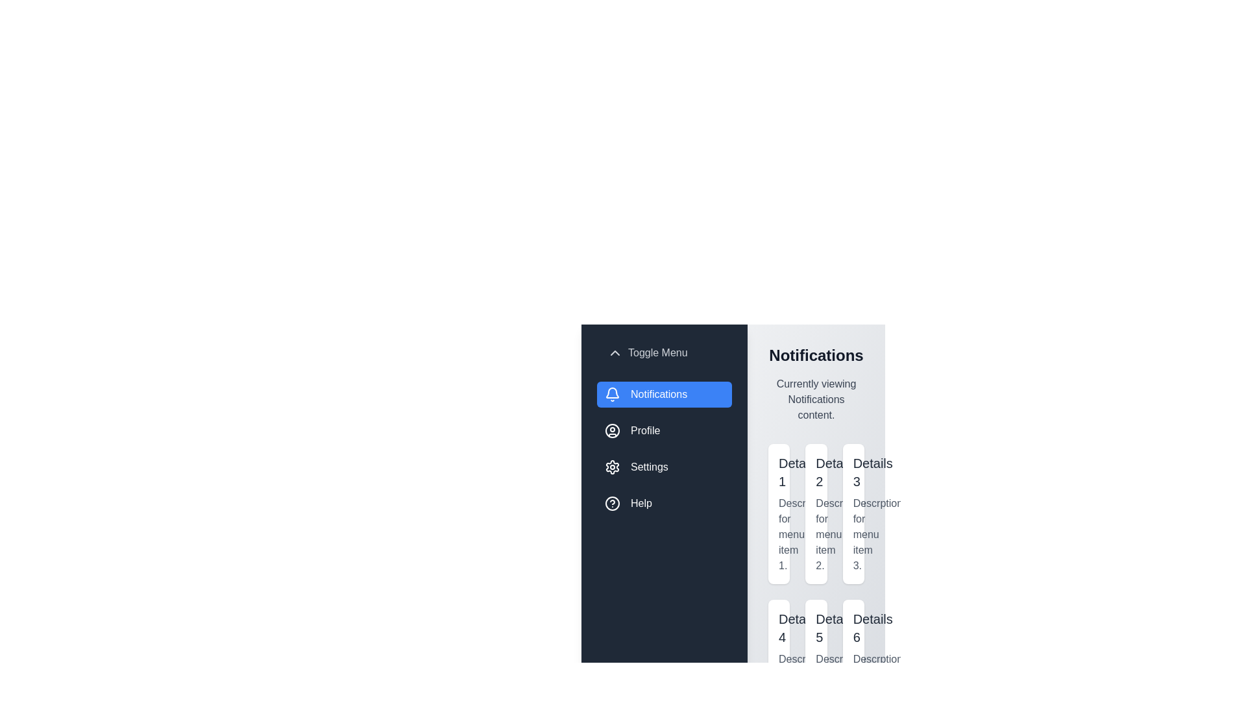 The image size is (1246, 701). What do you see at coordinates (647, 352) in the screenshot?
I see `the toggle button to toggle the menu visibility` at bounding box center [647, 352].